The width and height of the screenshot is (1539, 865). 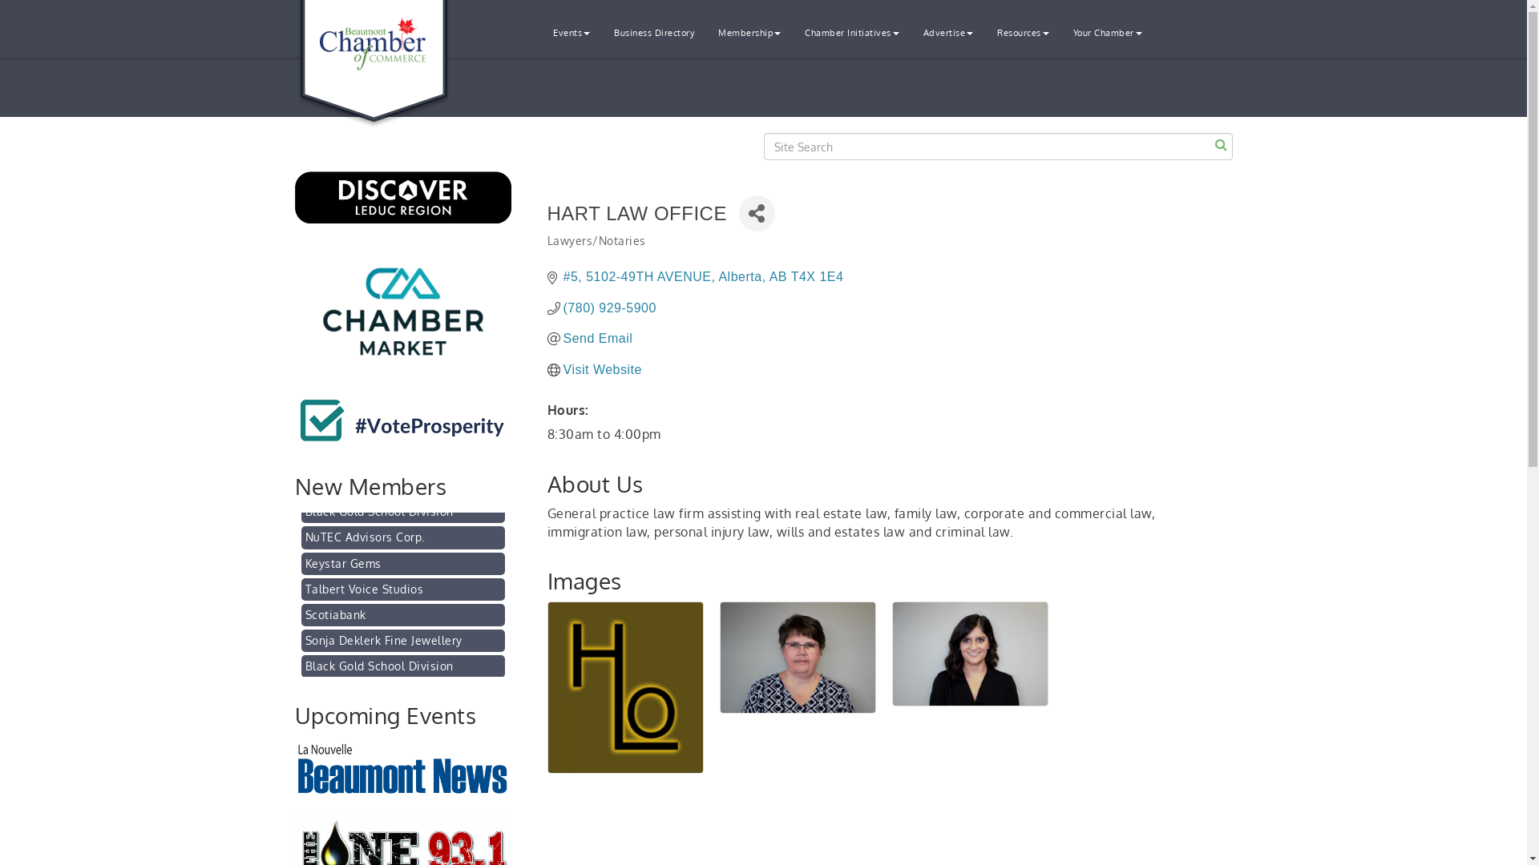 What do you see at coordinates (596, 337) in the screenshot?
I see `'Send Email'` at bounding box center [596, 337].